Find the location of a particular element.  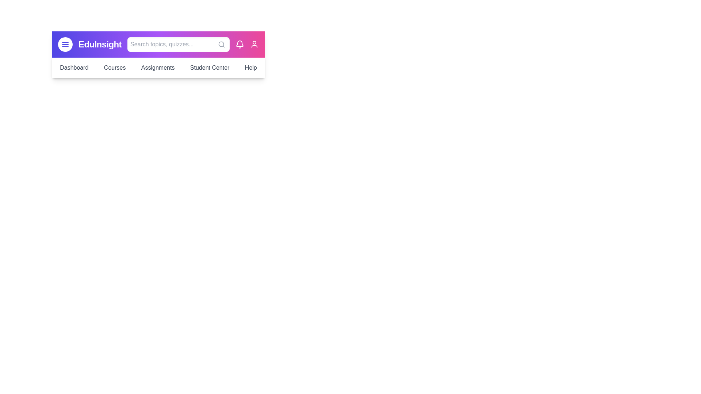

the menu item Assignments to navigate to the corresponding section is located at coordinates (157, 67).